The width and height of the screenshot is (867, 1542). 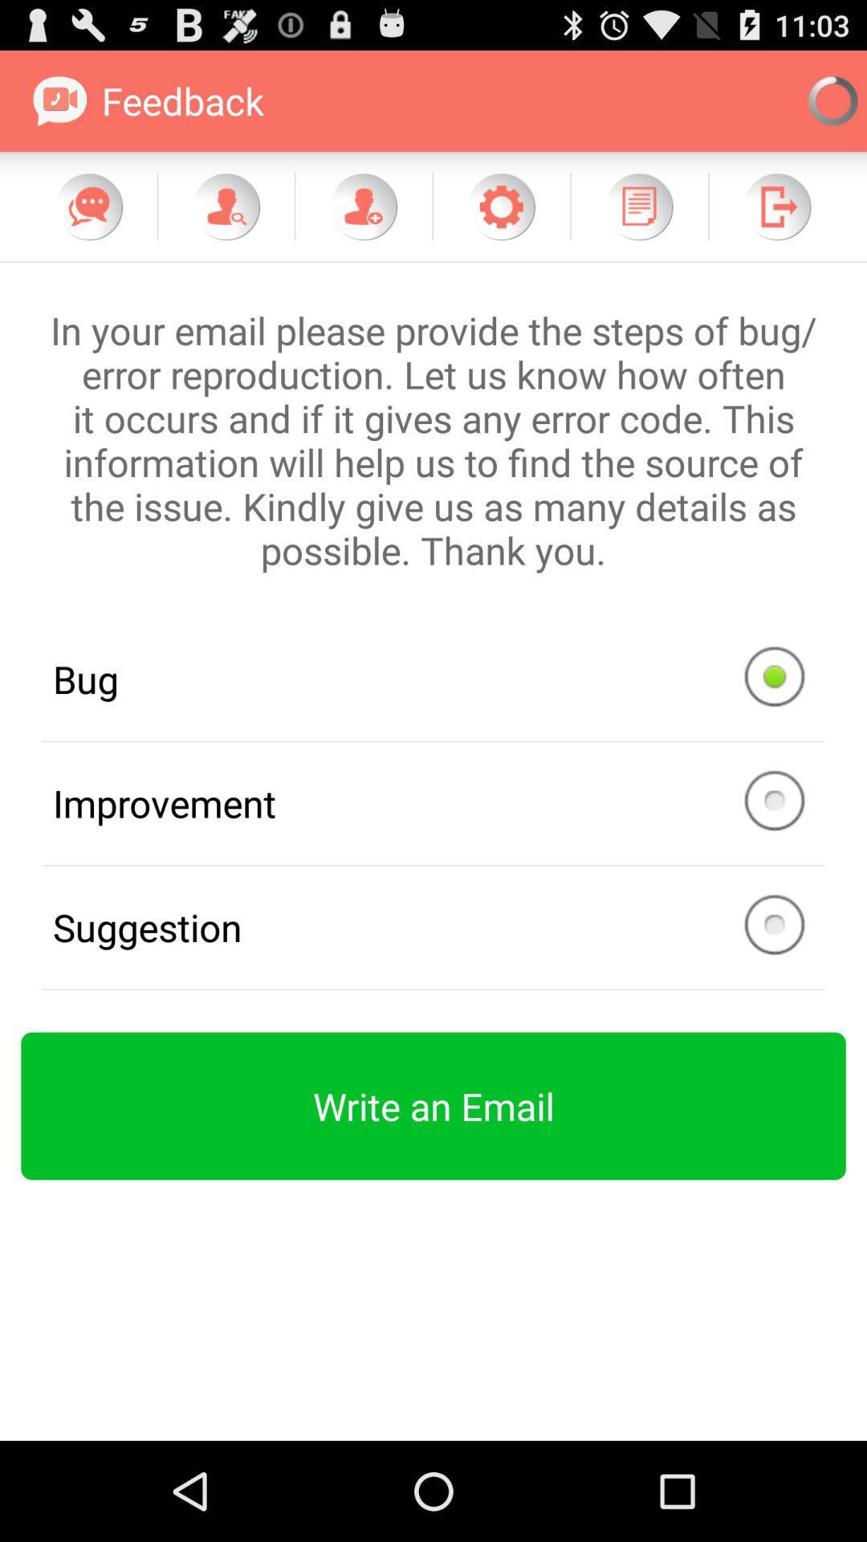 What do you see at coordinates (89, 206) in the screenshot?
I see `send a text message` at bounding box center [89, 206].